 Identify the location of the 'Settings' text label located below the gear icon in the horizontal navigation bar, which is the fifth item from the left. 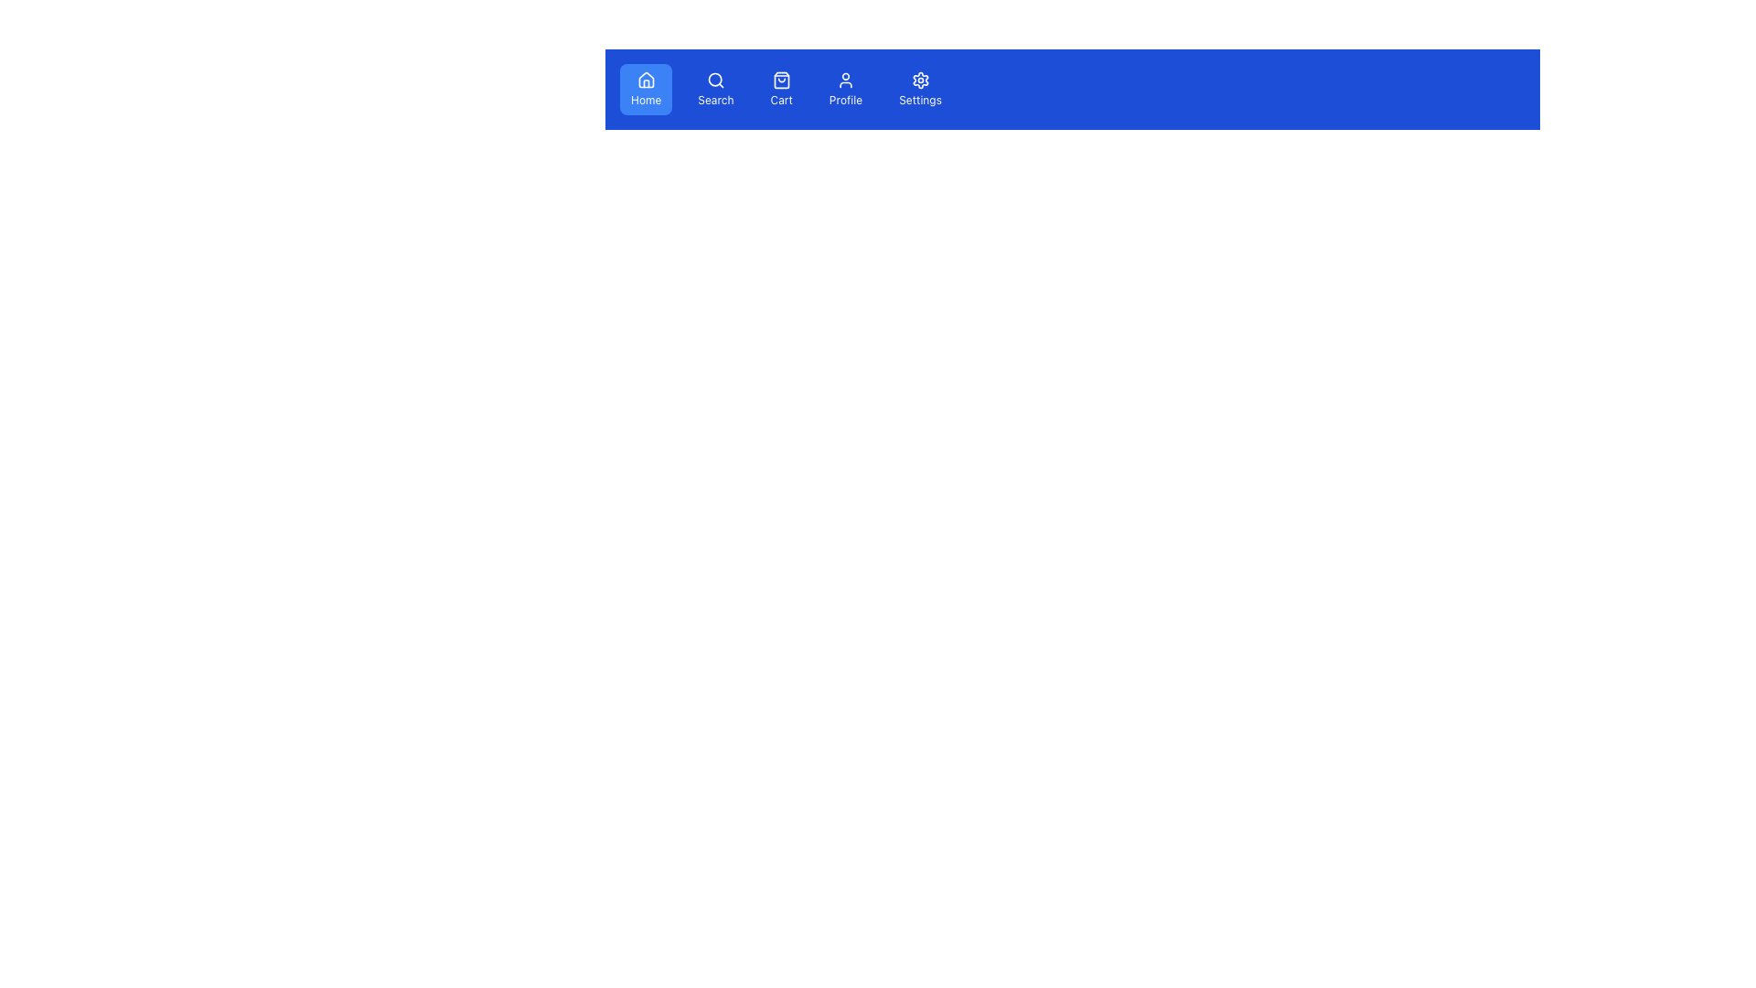
(920, 101).